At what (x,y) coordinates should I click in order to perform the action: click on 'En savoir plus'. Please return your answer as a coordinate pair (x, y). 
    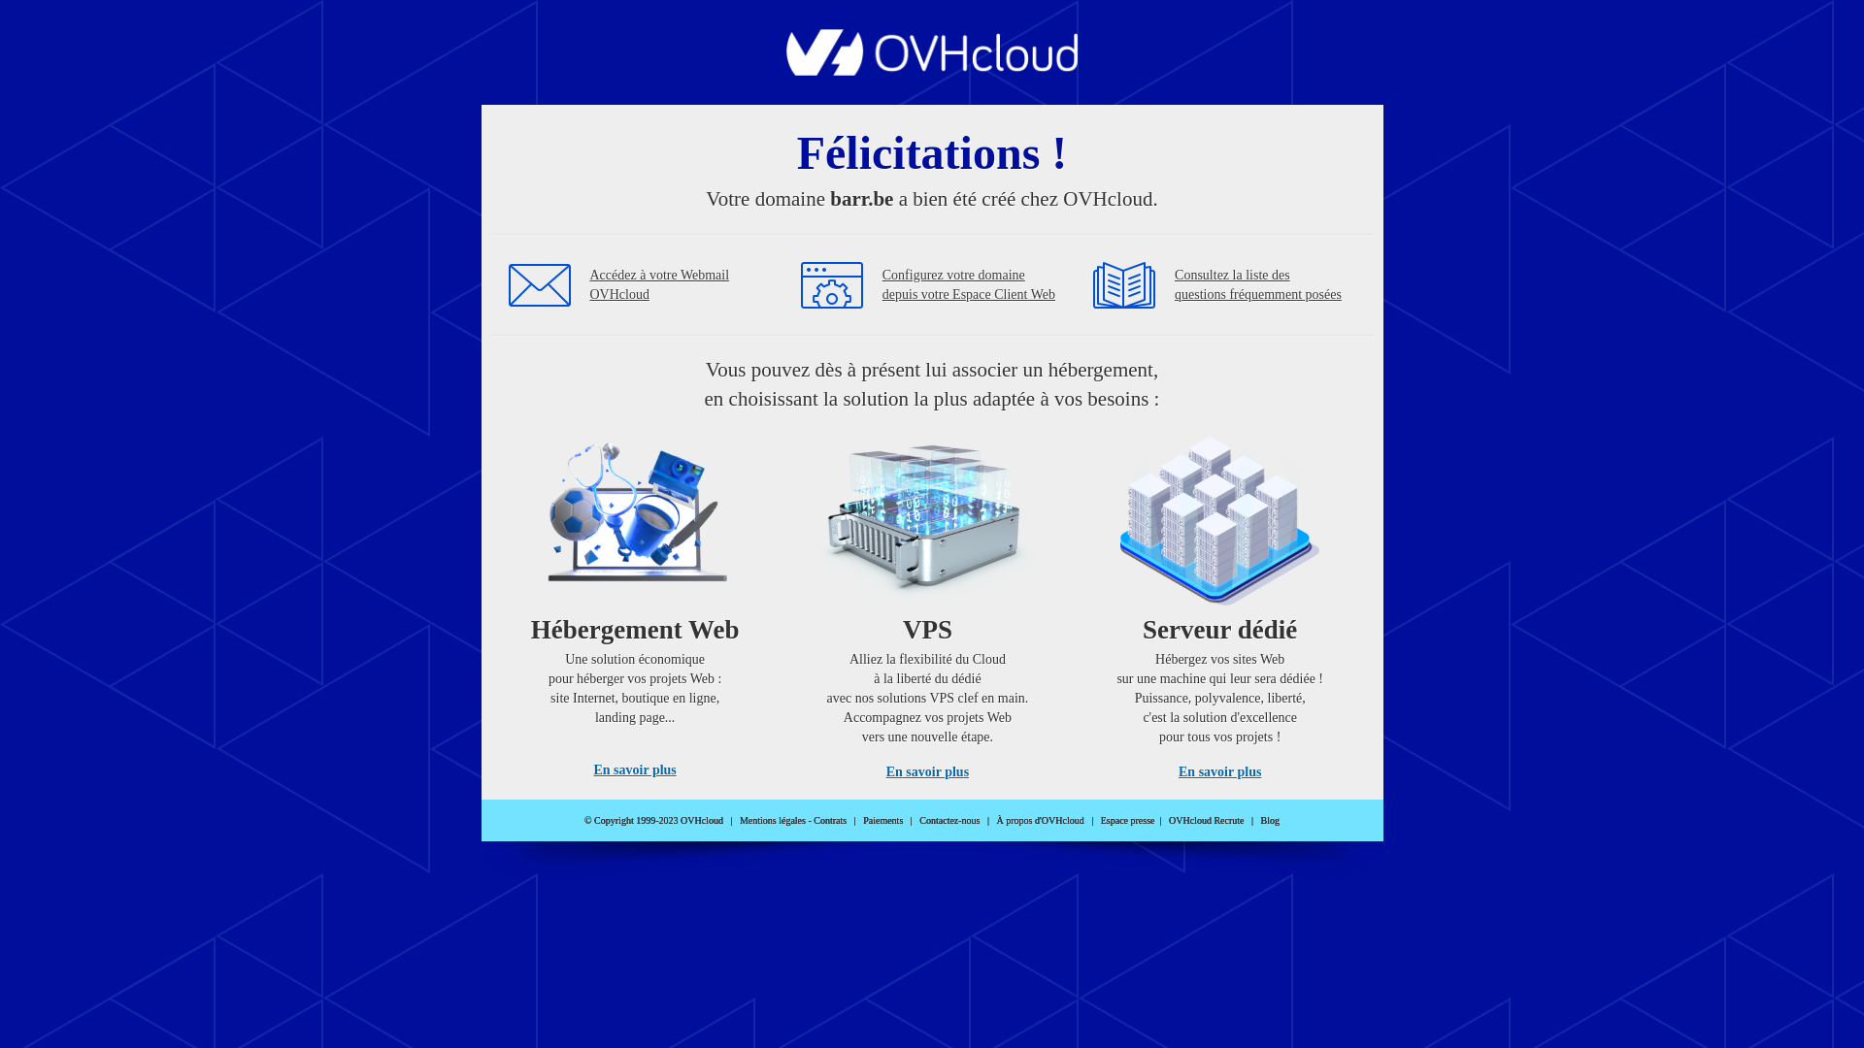
    Looking at the image, I should click on (1218, 770).